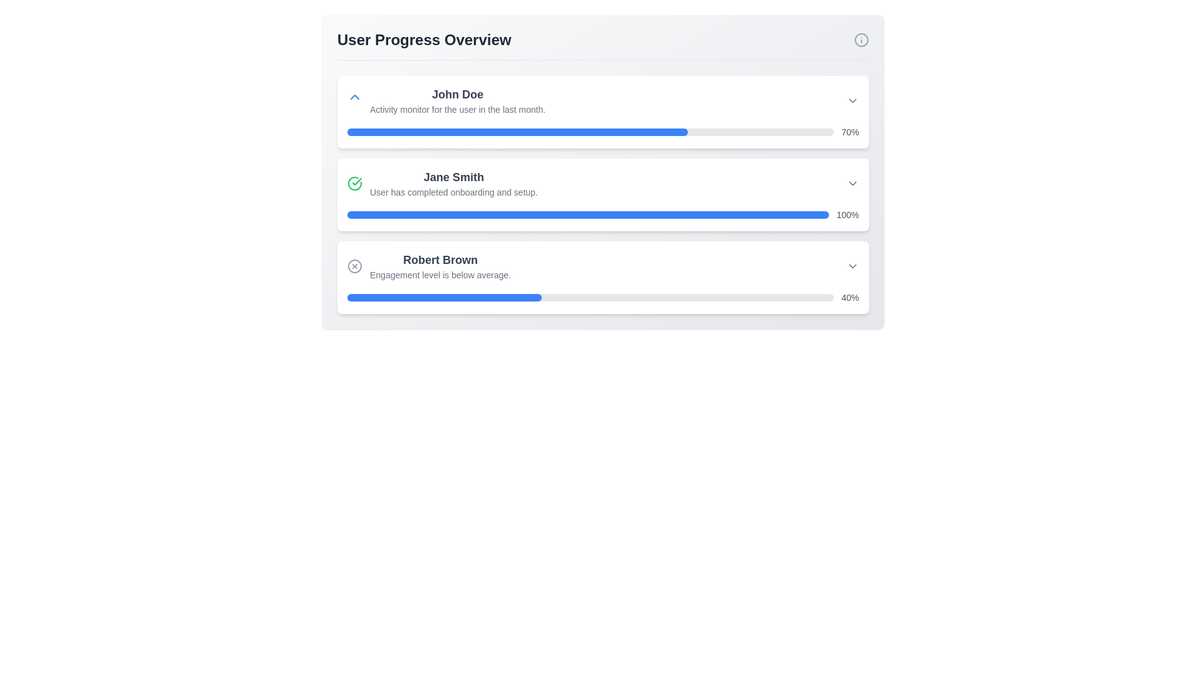  I want to click on the small blue chevron icon pointing upwards located to the left of the text 'John Doe' in the user progress overview section, so click(354, 98).